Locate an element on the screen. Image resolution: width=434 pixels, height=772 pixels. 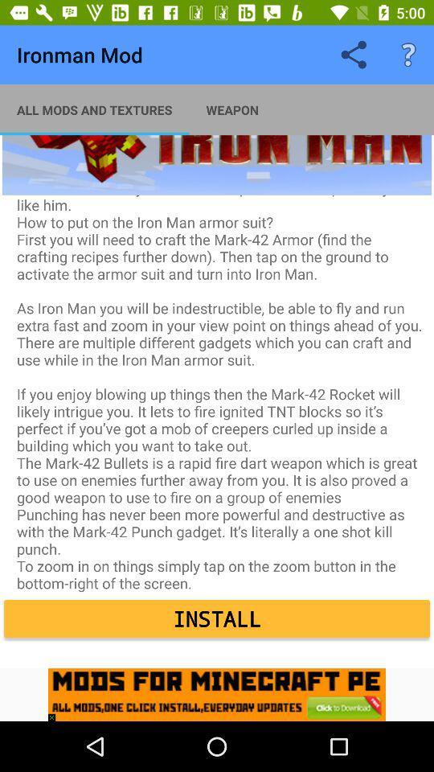
all mods and item is located at coordinates (94, 109).